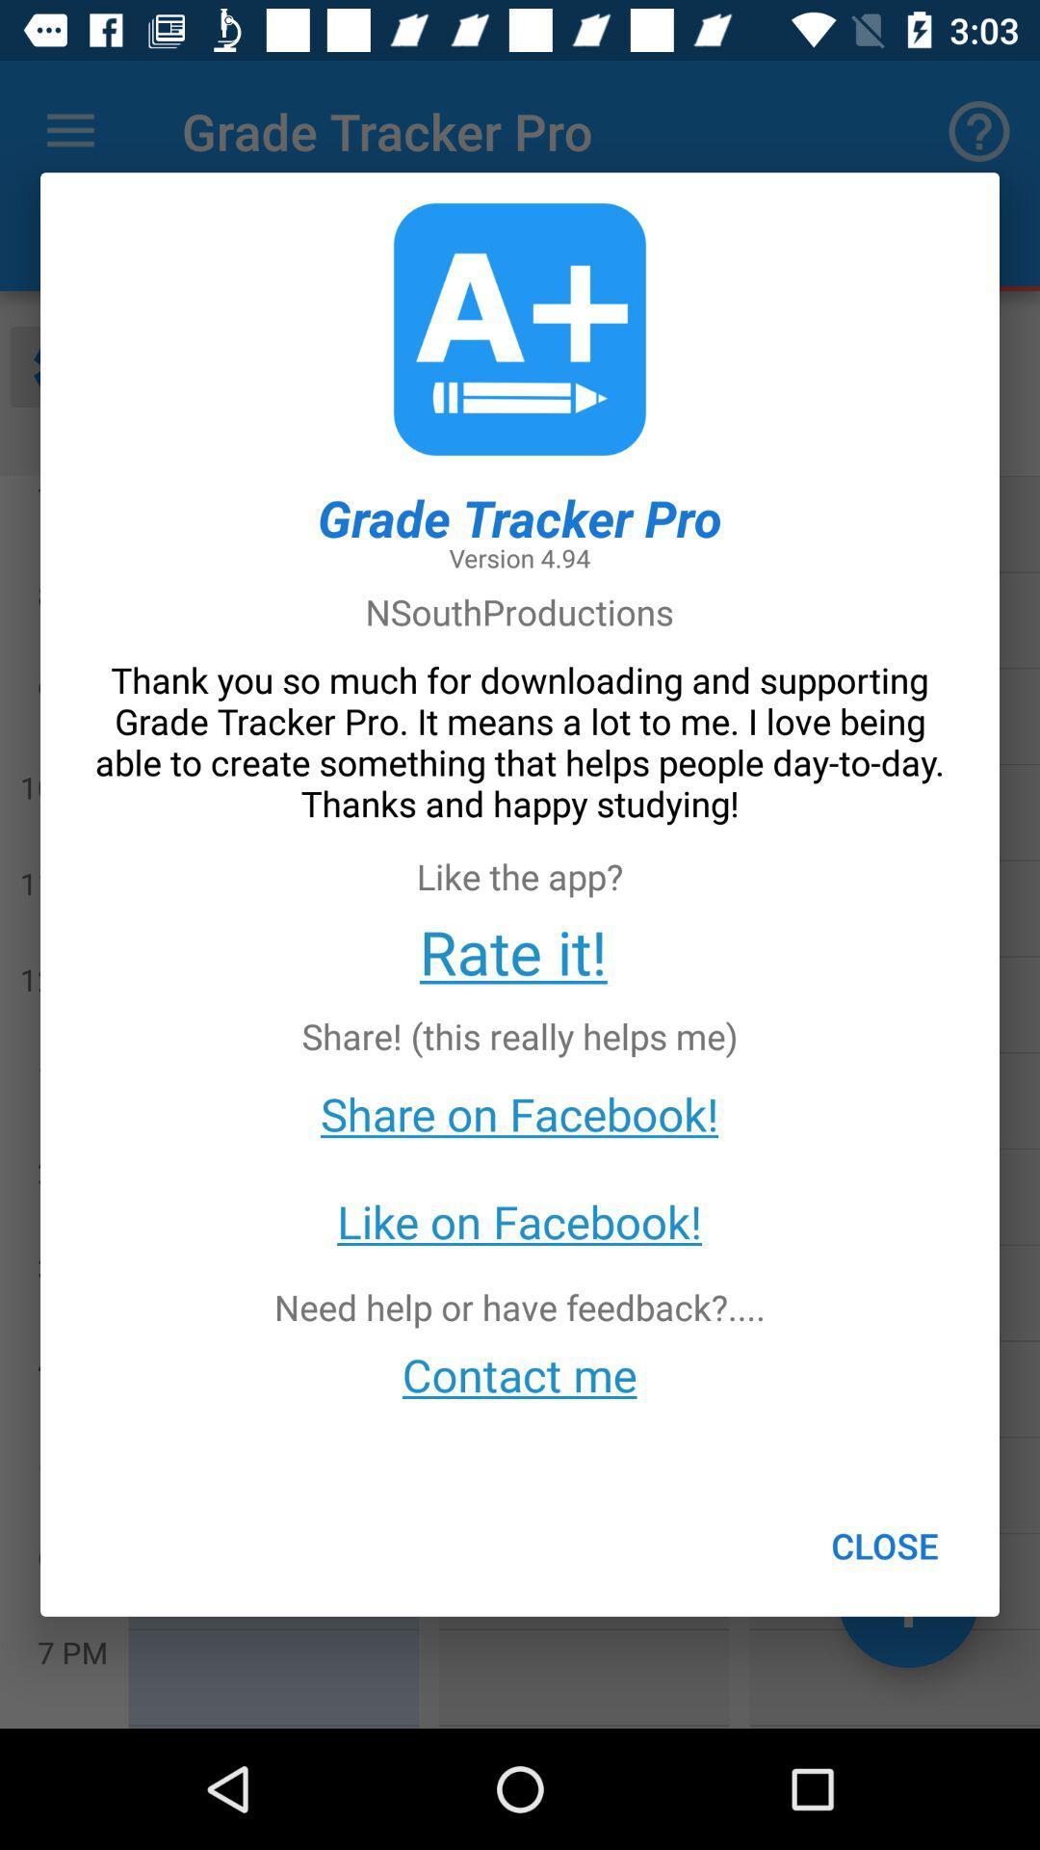  I want to click on the icon below thank you so, so click(512, 951).